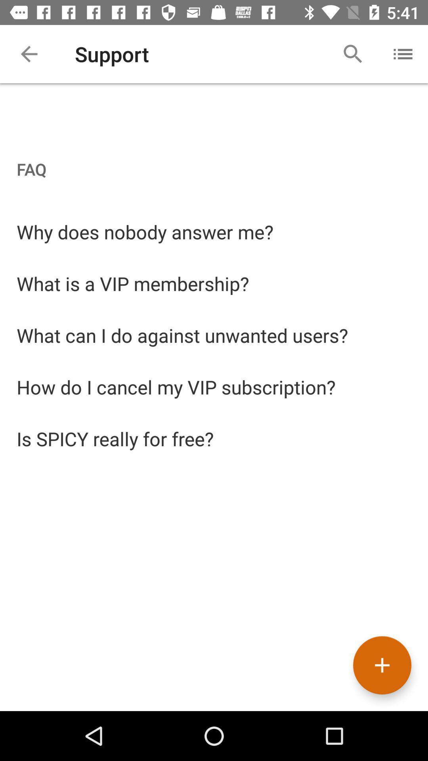 The width and height of the screenshot is (428, 761). What do you see at coordinates (382, 665) in the screenshot?
I see `the add icon` at bounding box center [382, 665].